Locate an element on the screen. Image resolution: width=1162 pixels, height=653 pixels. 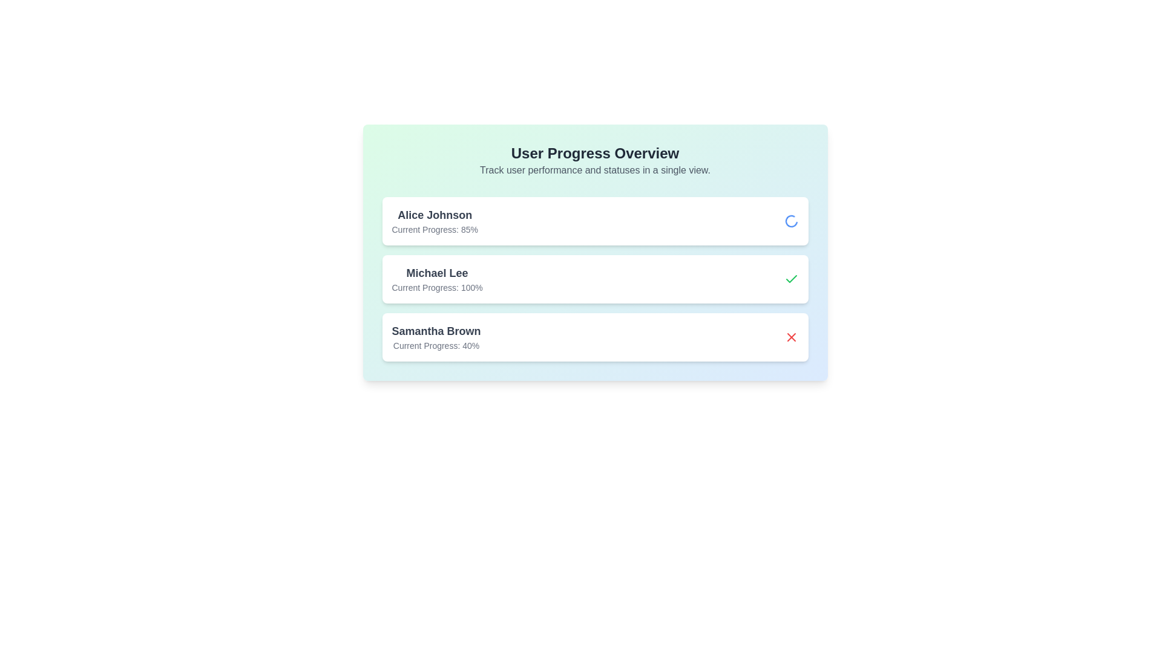
the label that identifies the first user in the 'User Progress Overview', which serves as the header for the associated progress metric is located at coordinates (435, 214).